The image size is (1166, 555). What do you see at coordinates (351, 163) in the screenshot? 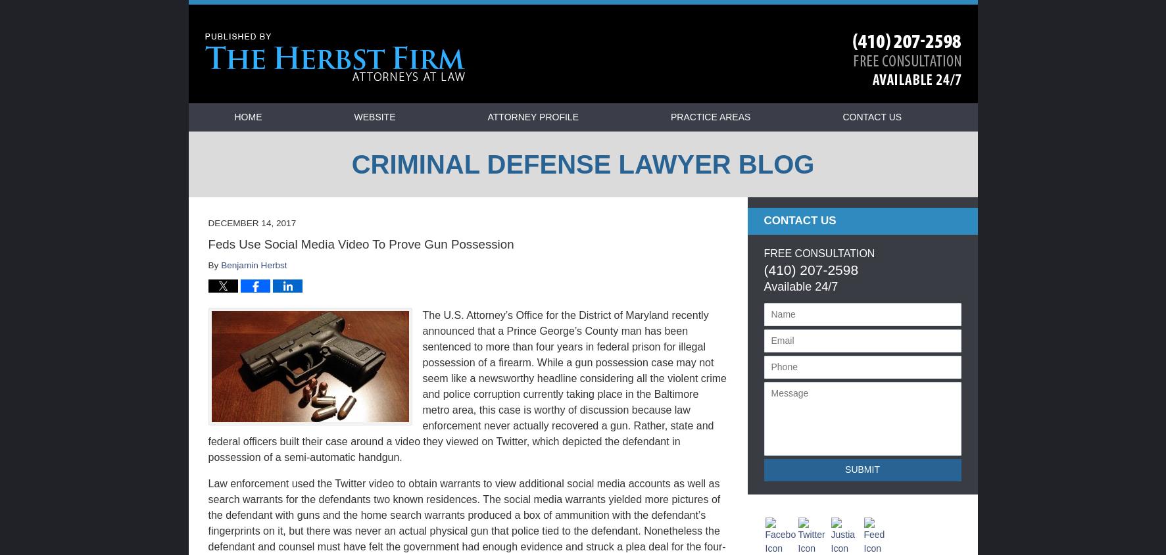
I see `'Criminal Defense Lawyer Blog'` at bounding box center [351, 163].